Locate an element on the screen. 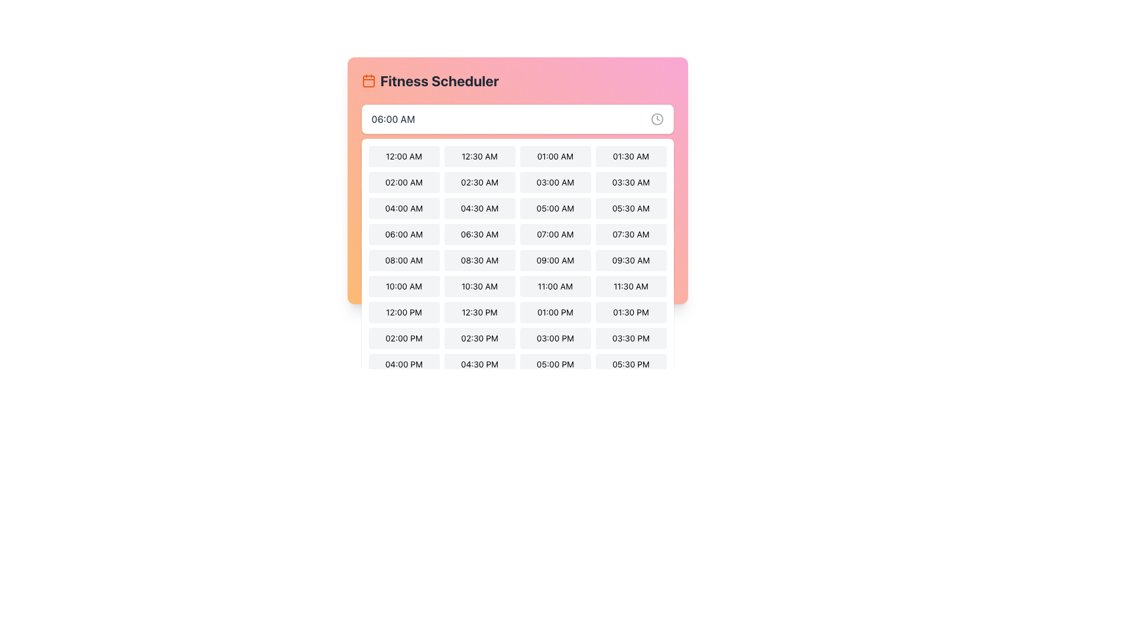 Image resolution: width=1135 pixels, height=638 pixels. the button displaying '10:30 AM' is located at coordinates (479, 287).